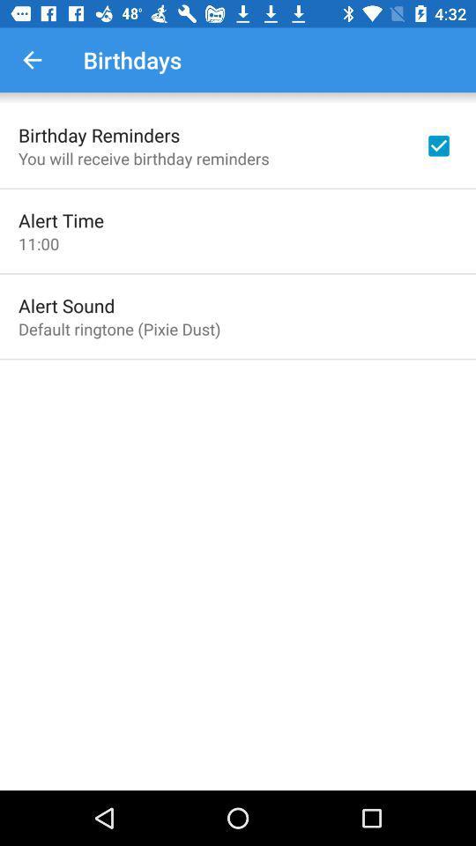 This screenshot has height=846, width=476. I want to click on item below alert sound icon, so click(119, 328).